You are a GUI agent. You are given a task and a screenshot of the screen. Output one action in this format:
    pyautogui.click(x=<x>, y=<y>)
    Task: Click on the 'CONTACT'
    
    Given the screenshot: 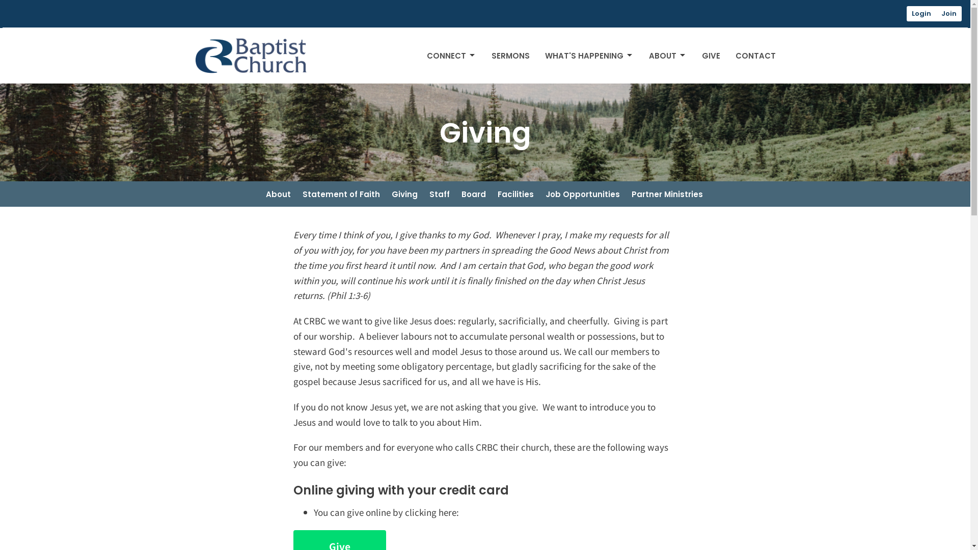 What is the action you would take?
    pyautogui.click(x=755, y=56)
    